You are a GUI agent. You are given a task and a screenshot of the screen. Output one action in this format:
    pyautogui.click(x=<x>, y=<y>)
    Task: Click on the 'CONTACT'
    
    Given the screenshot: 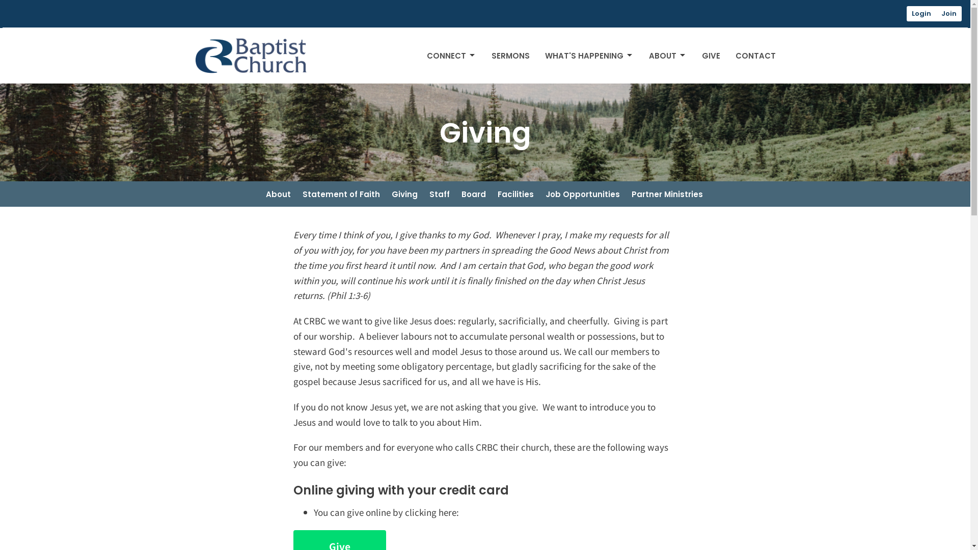 What is the action you would take?
    pyautogui.click(x=755, y=56)
    